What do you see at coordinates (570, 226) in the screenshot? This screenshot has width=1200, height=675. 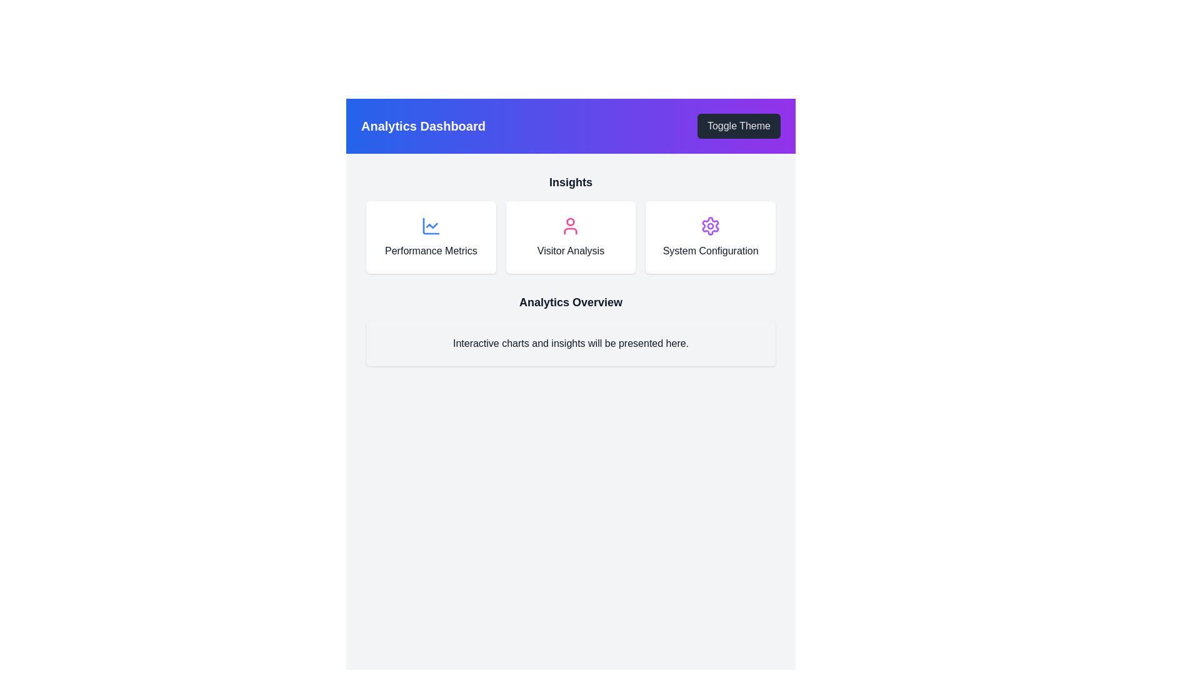 I see `the user icon styled in pink, which is positioned above the 'Visitor Analysis' text label, for interaction within the 'Visitor Analysis' section` at bounding box center [570, 226].